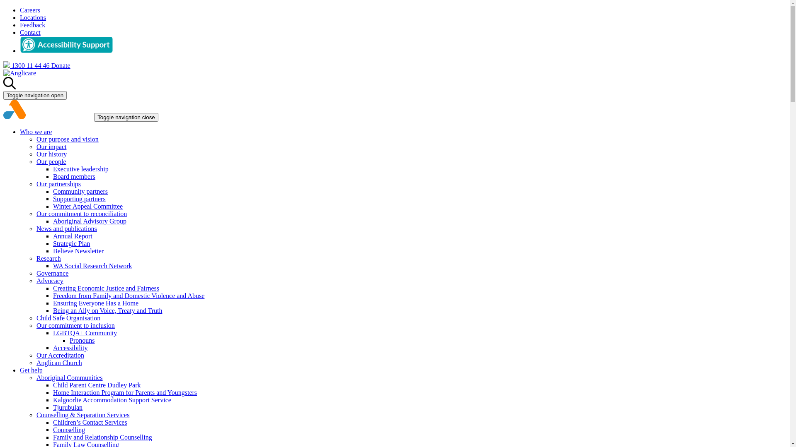 This screenshot has height=447, width=796. Describe the element at coordinates (90, 221) in the screenshot. I see `'Aboriginal Advisory Group'` at that location.